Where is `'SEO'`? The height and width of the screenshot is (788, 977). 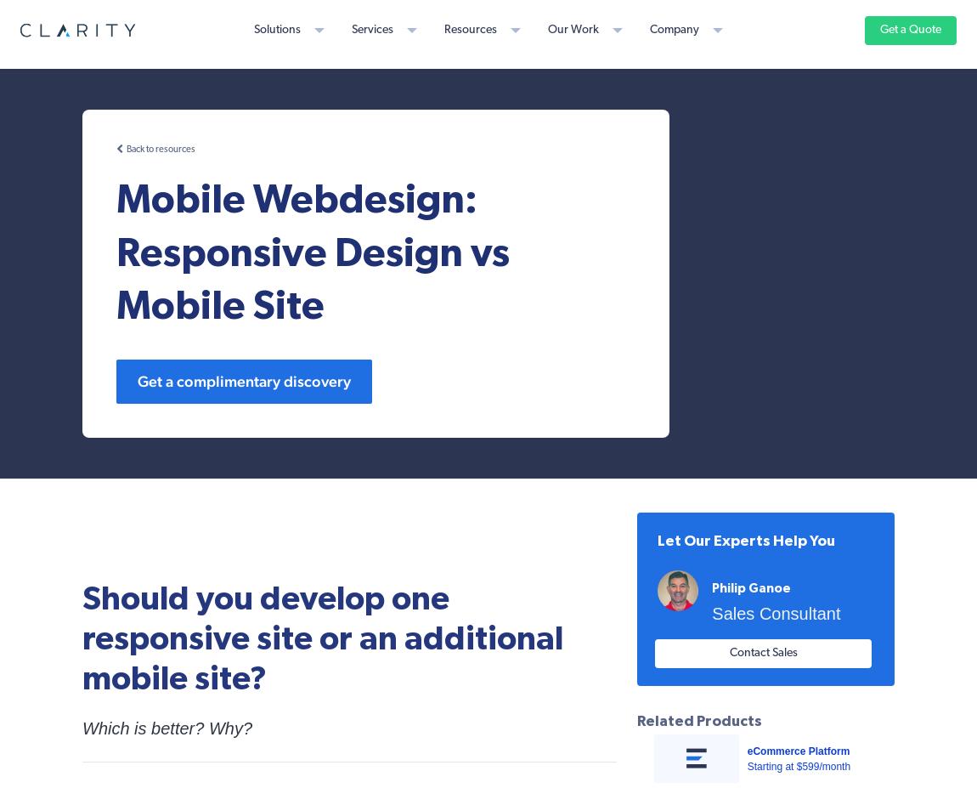
'SEO' is located at coordinates (209, 241).